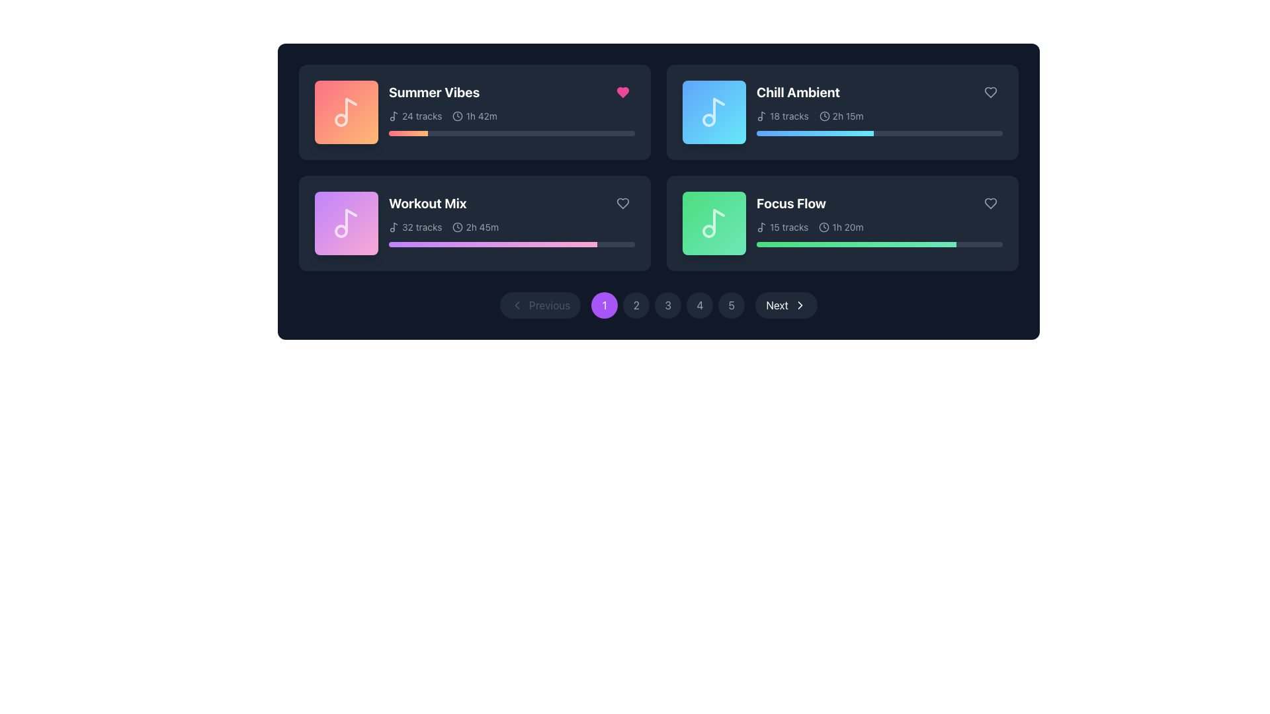  I want to click on the music playlist preview card named 'Focus Flow', which displays the playlist's name, track count, and duration, located in the bottom-right quadrant of the interface, so click(841, 223).